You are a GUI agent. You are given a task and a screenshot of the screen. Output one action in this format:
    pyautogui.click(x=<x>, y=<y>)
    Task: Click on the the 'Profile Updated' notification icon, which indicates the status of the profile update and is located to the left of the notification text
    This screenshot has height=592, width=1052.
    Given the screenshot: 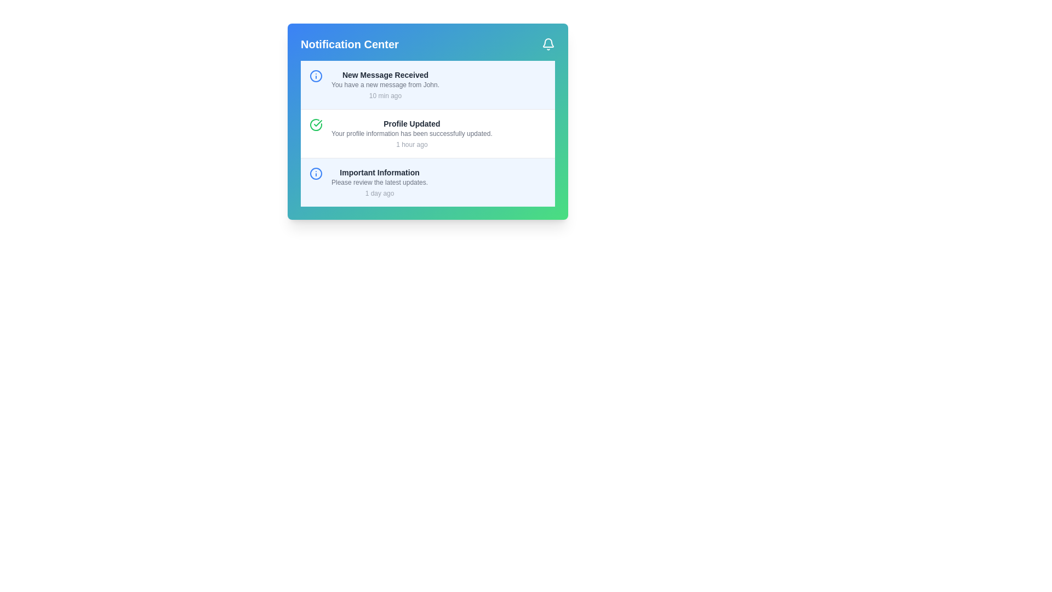 What is the action you would take?
    pyautogui.click(x=315, y=124)
    